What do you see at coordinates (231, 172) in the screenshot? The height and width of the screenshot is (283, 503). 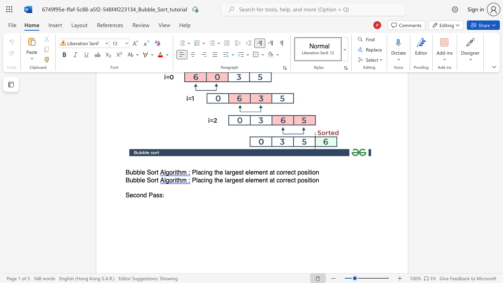 I see `the space between the continuous character "r" and "g" in the text` at bounding box center [231, 172].